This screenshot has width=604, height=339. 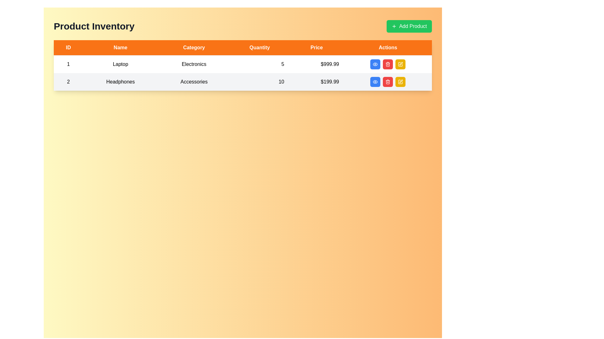 I want to click on the delete button located in the rightmost column of the actions section of the second row in the table, so click(x=388, y=82).